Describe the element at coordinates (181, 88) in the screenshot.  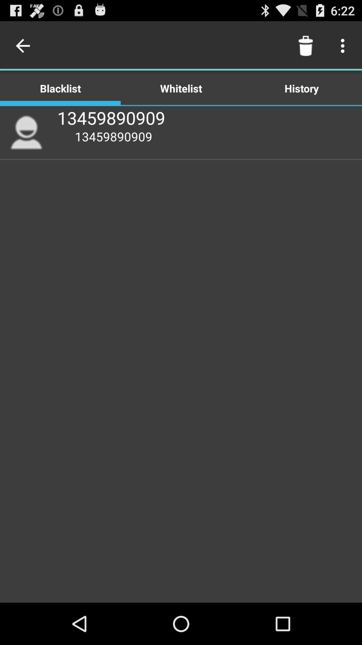
I see `the item next to history icon` at that location.